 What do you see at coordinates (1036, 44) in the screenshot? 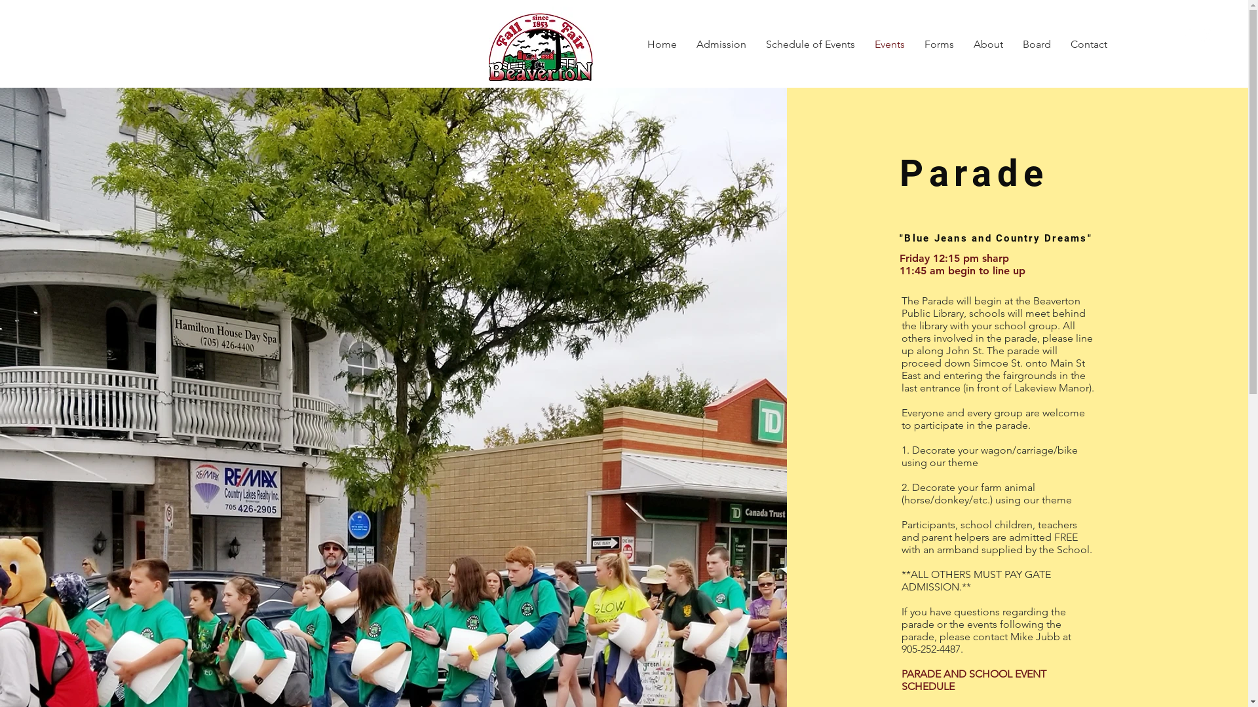
I see `'Board'` at bounding box center [1036, 44].